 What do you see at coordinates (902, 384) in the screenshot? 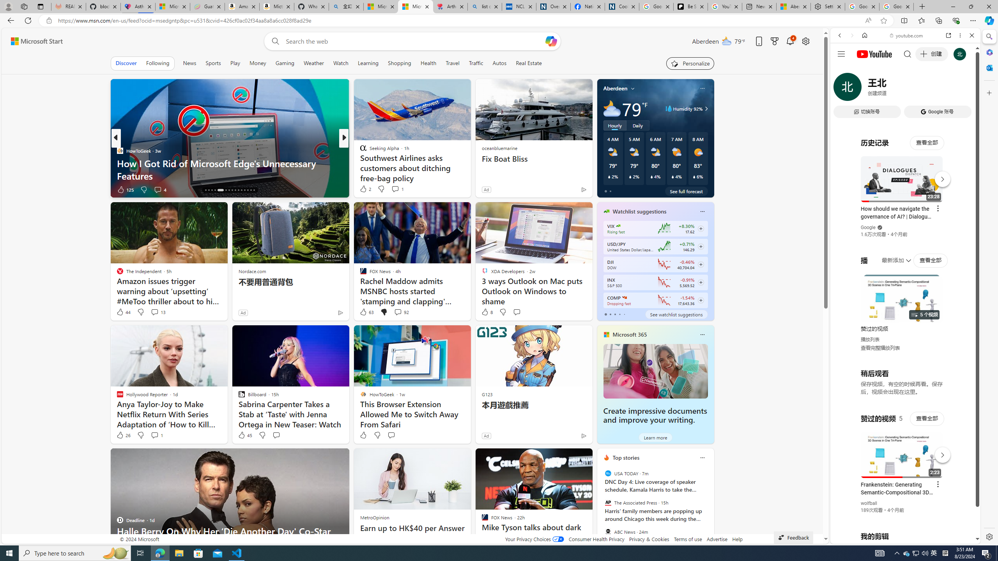
I see `'YouTube - YouTube'` at bounding box center [902, 384].